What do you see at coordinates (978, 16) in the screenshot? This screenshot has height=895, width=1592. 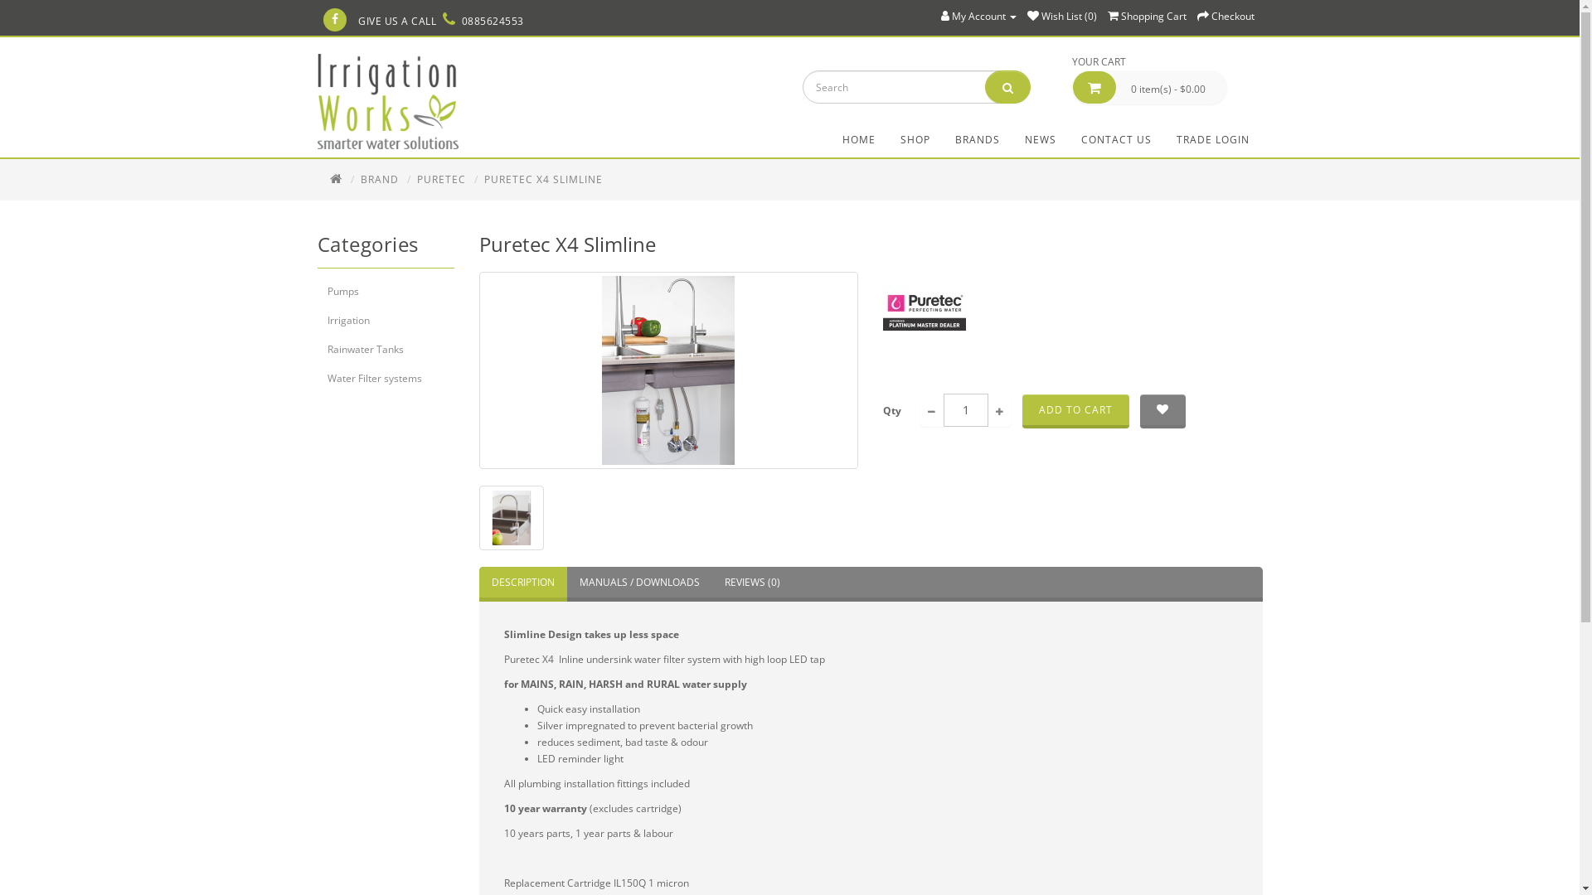 I see `'My Account'` at bounding box center [978, 16].